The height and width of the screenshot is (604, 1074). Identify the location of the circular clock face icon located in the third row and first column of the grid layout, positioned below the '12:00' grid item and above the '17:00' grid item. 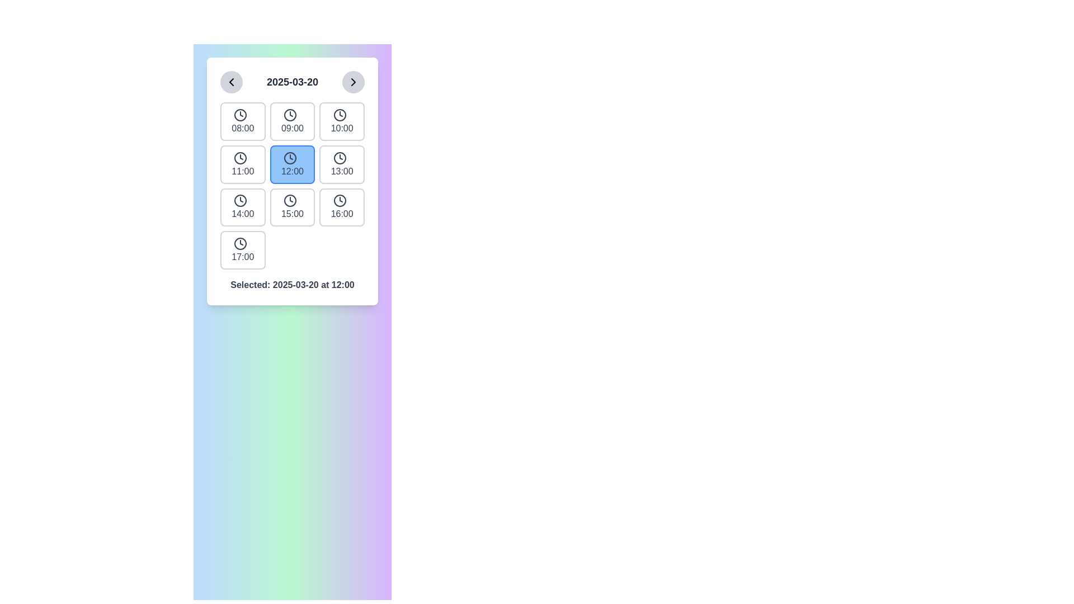
(240, 200).